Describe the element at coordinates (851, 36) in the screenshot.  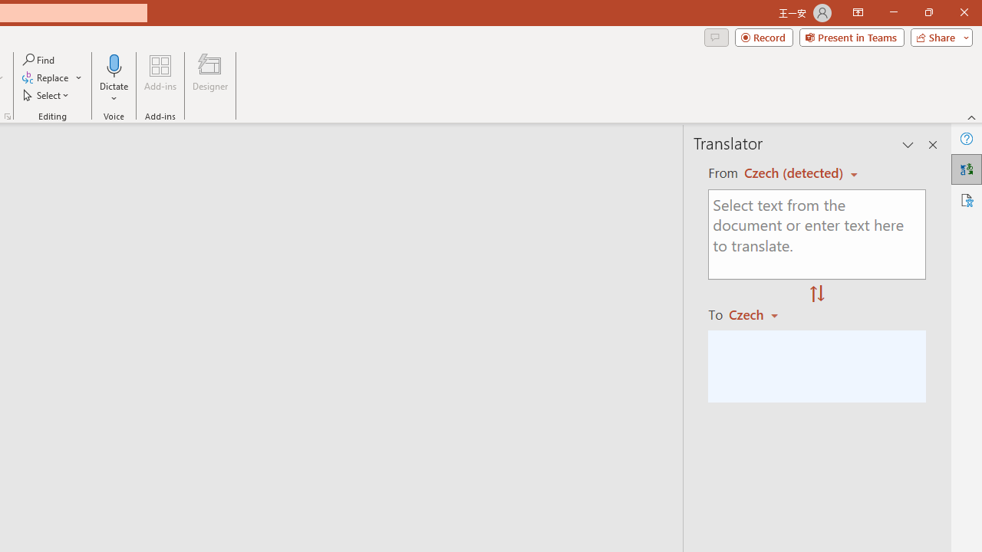
I see `'Present in Teams'` at that location.